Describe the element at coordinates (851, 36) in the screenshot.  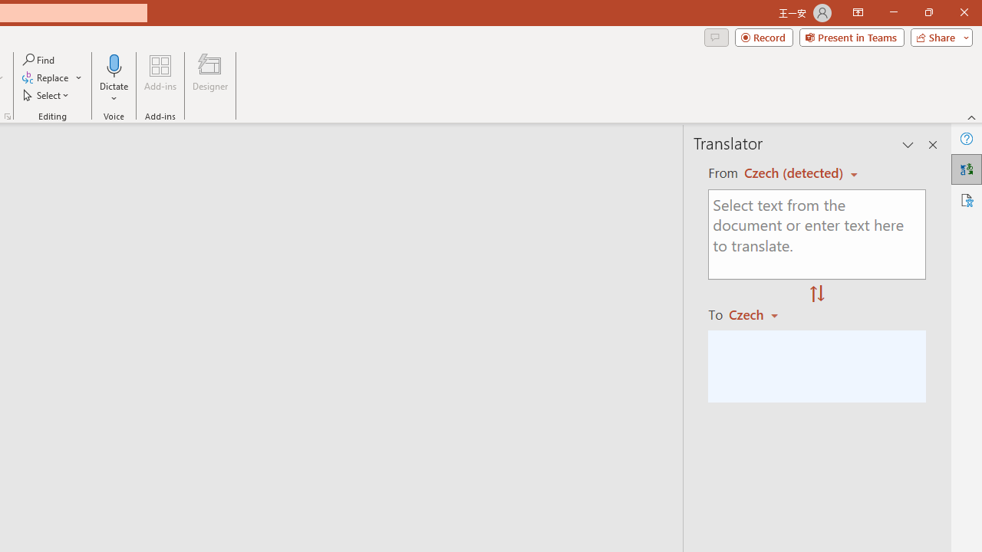
I see `'Present in Teams'` at that location.